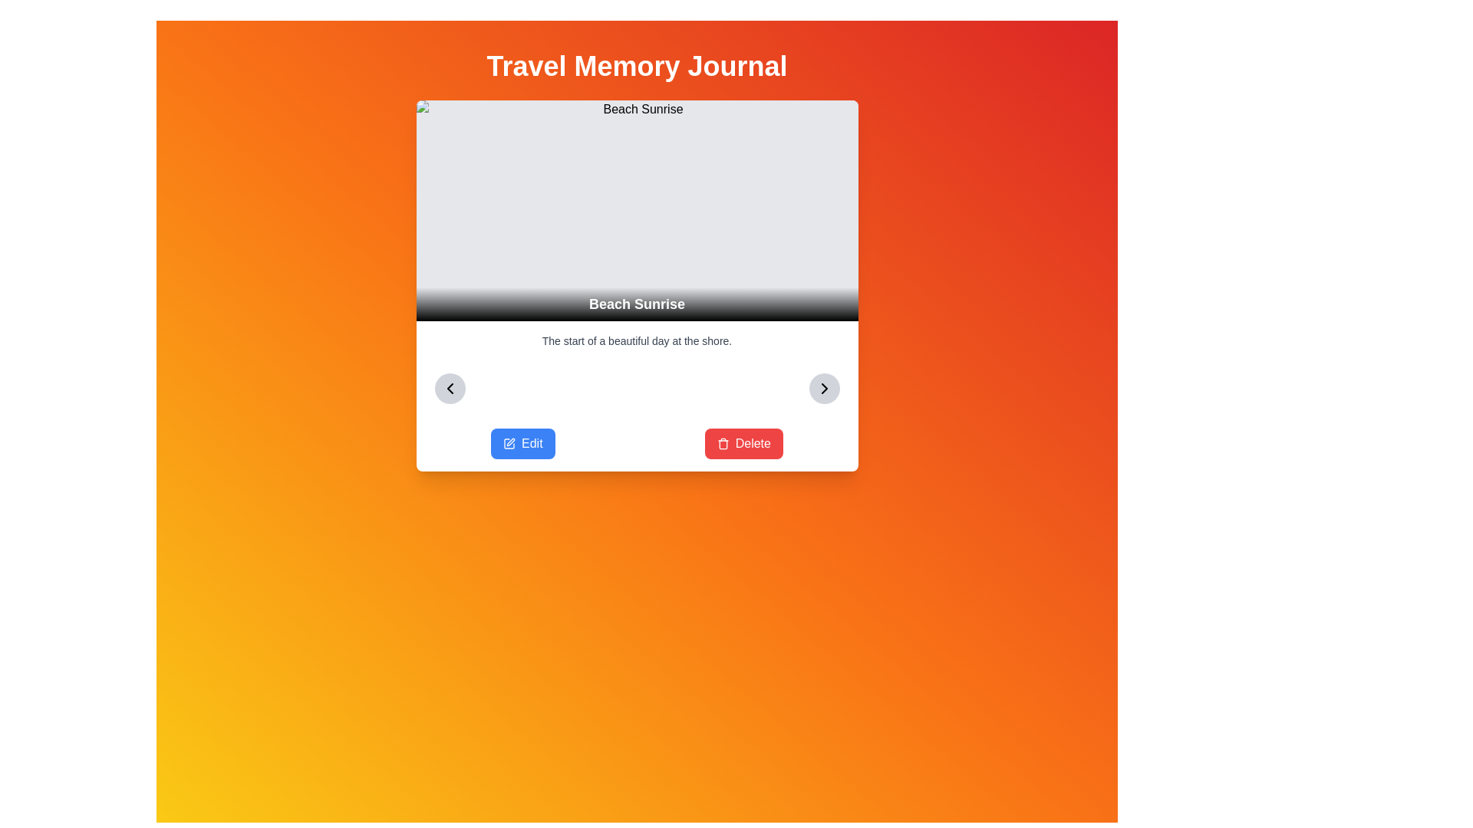 This screenshot has width=1473, height=828. Describe the element at coordinates (522, 443) in the screenshot. I see `the leftmost button under the content description area` at that location.